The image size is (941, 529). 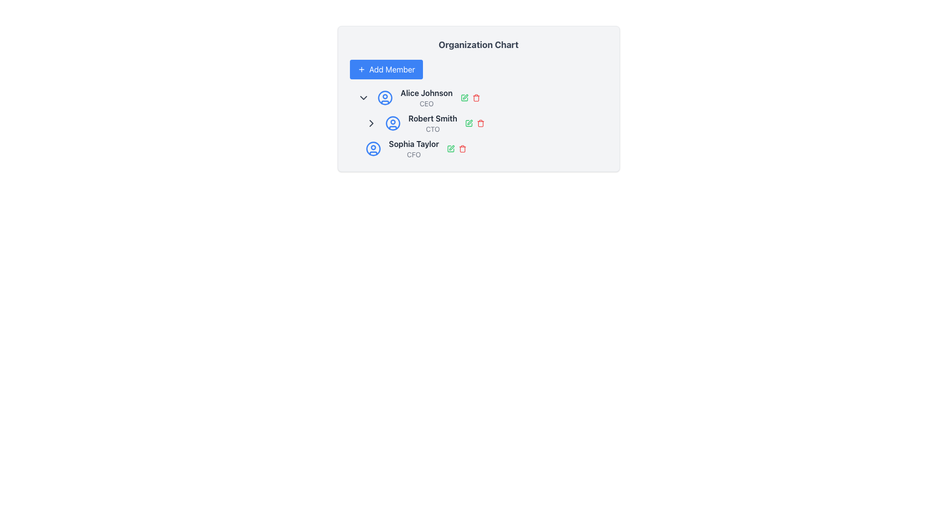 What do you see at coordinates (462, 149) in the screenshot?
I see `the red trash icon representing a delete action next to 'Sophia Taylor'` at bounding box center [462, 149].